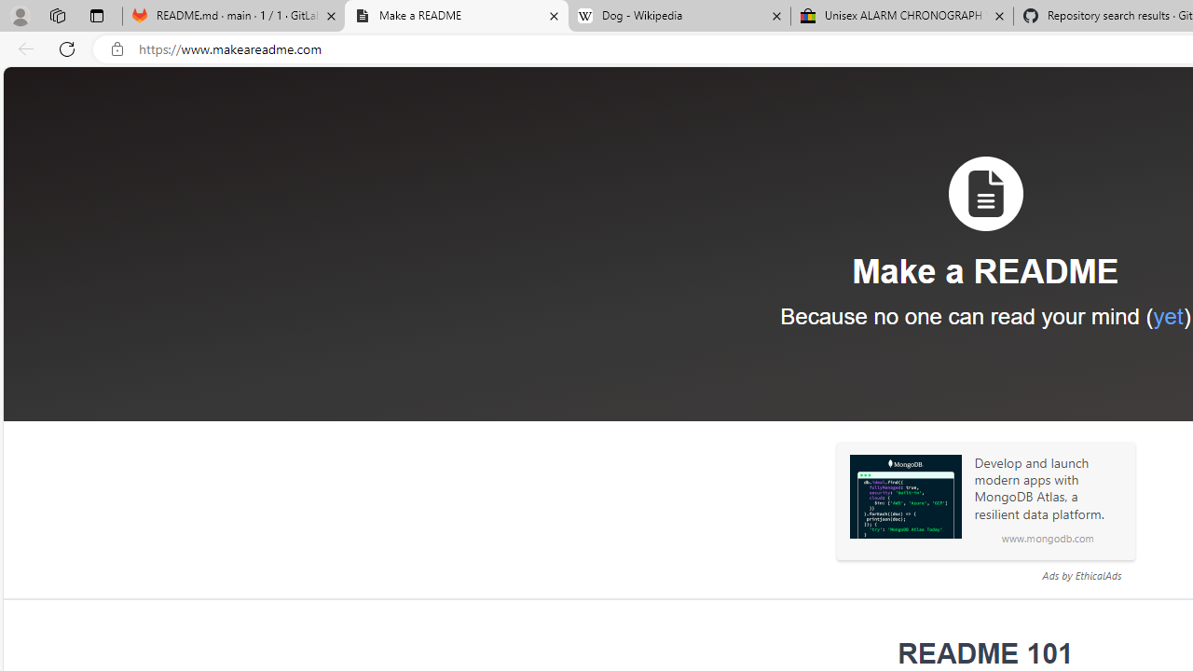  I want to click on 'Dog - Wikipedia', so click(679, 16).